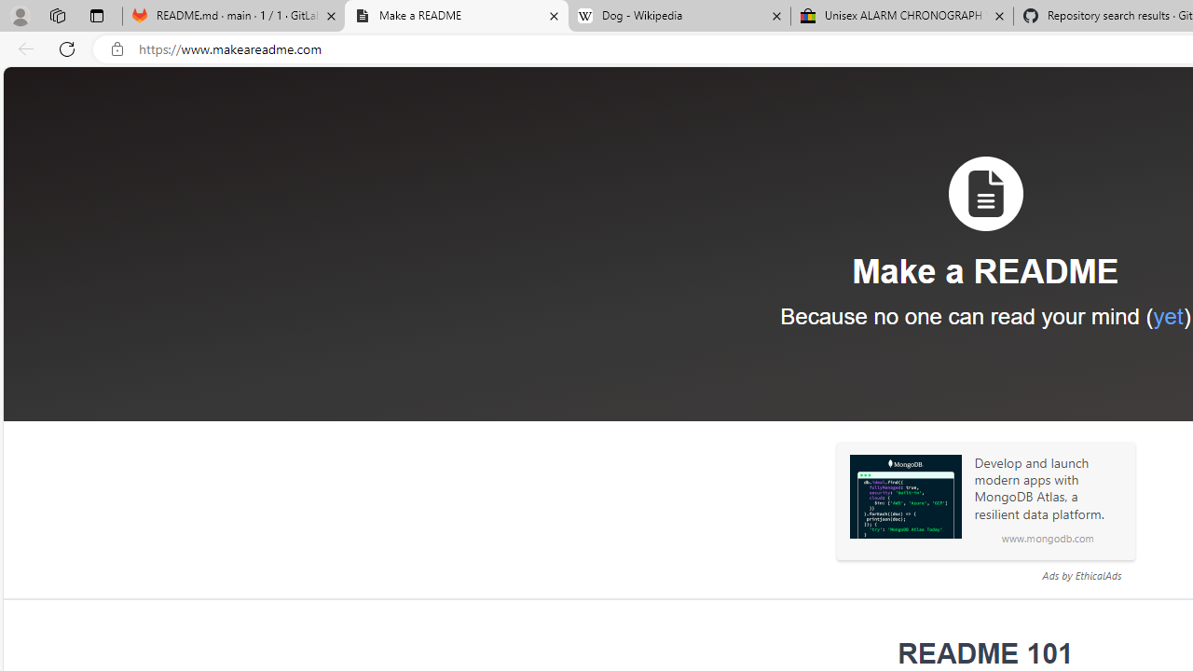  I want to click on 'Dog - Wikipedia', so click(679, 16).